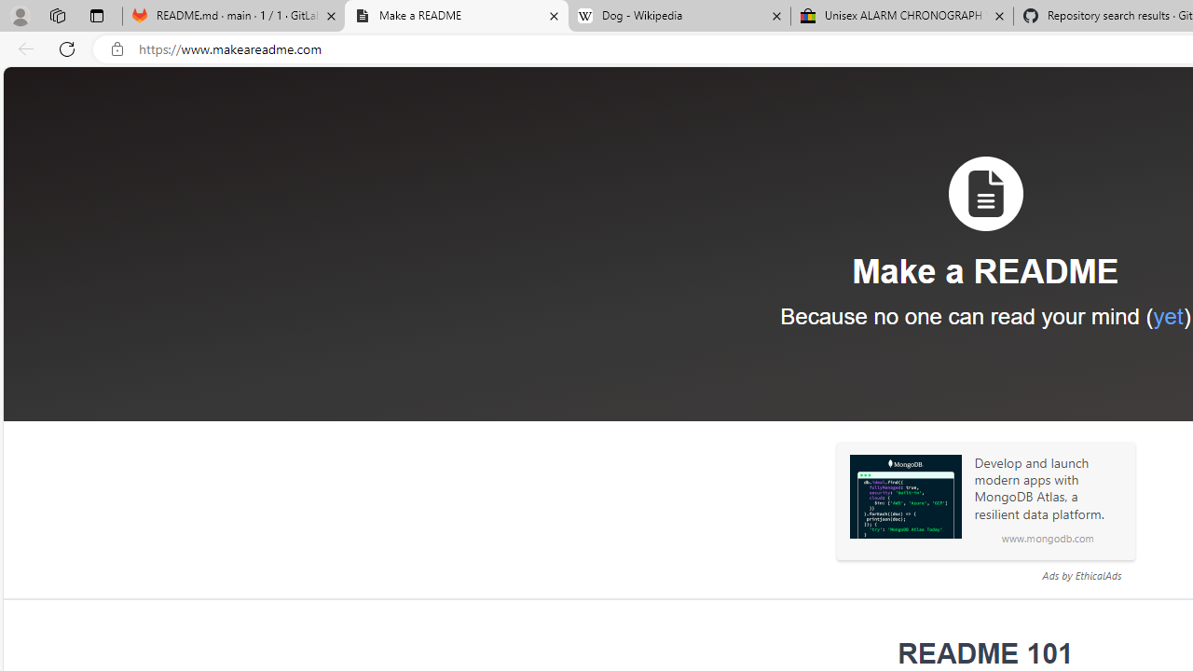  I want to click on 'Dog - Wikipedia', so click(679, 16).